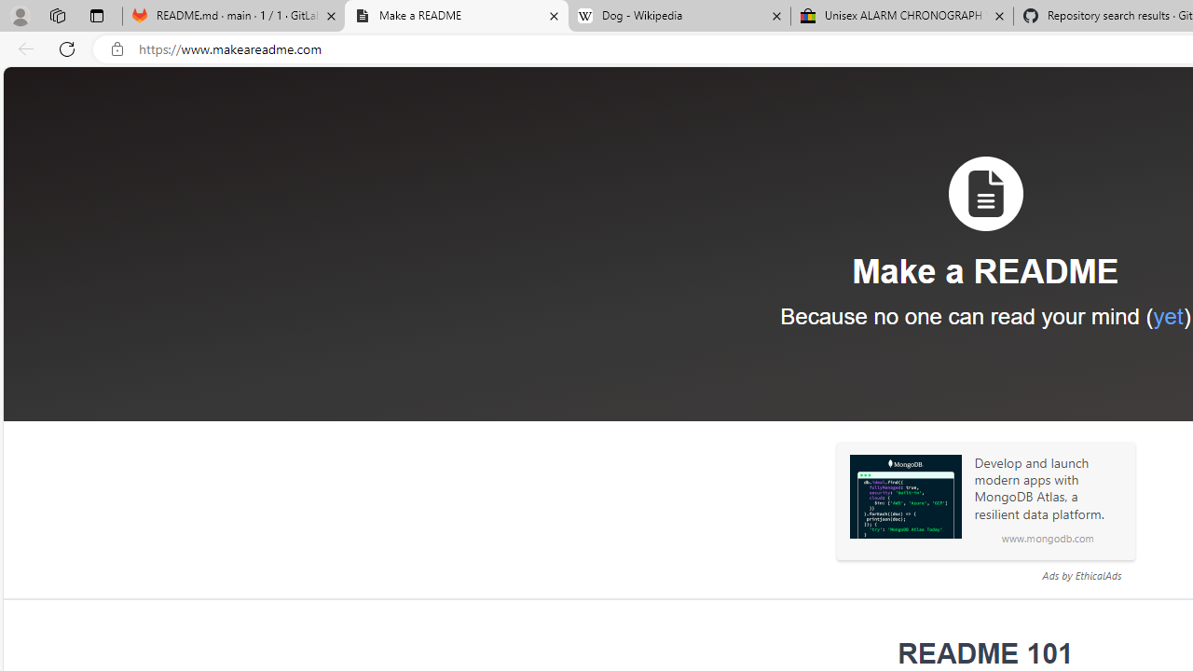  I want to click on 'Dog - Wikipedia', so click(679, 16).